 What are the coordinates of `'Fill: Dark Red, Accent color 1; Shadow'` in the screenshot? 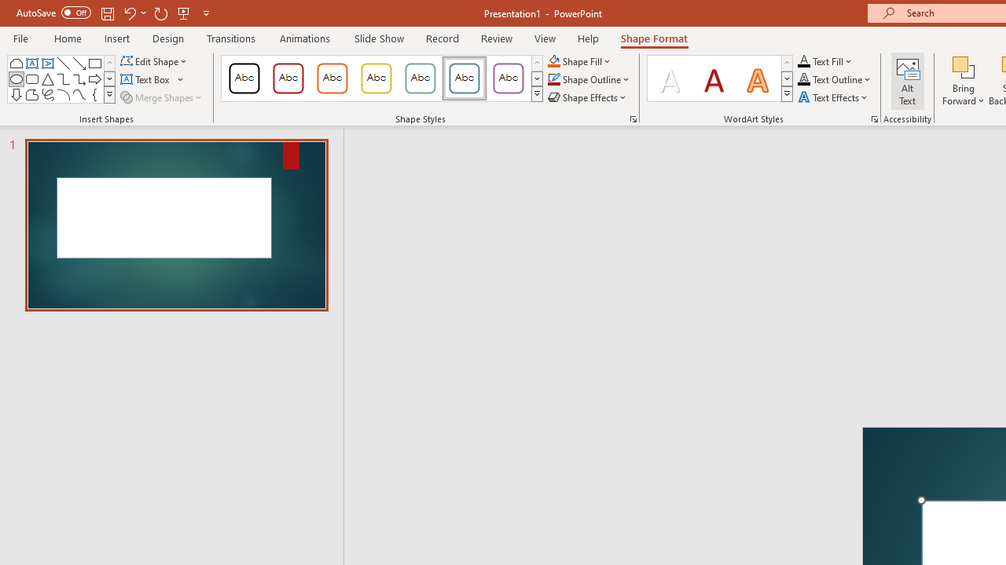 It's located at (713, 78).